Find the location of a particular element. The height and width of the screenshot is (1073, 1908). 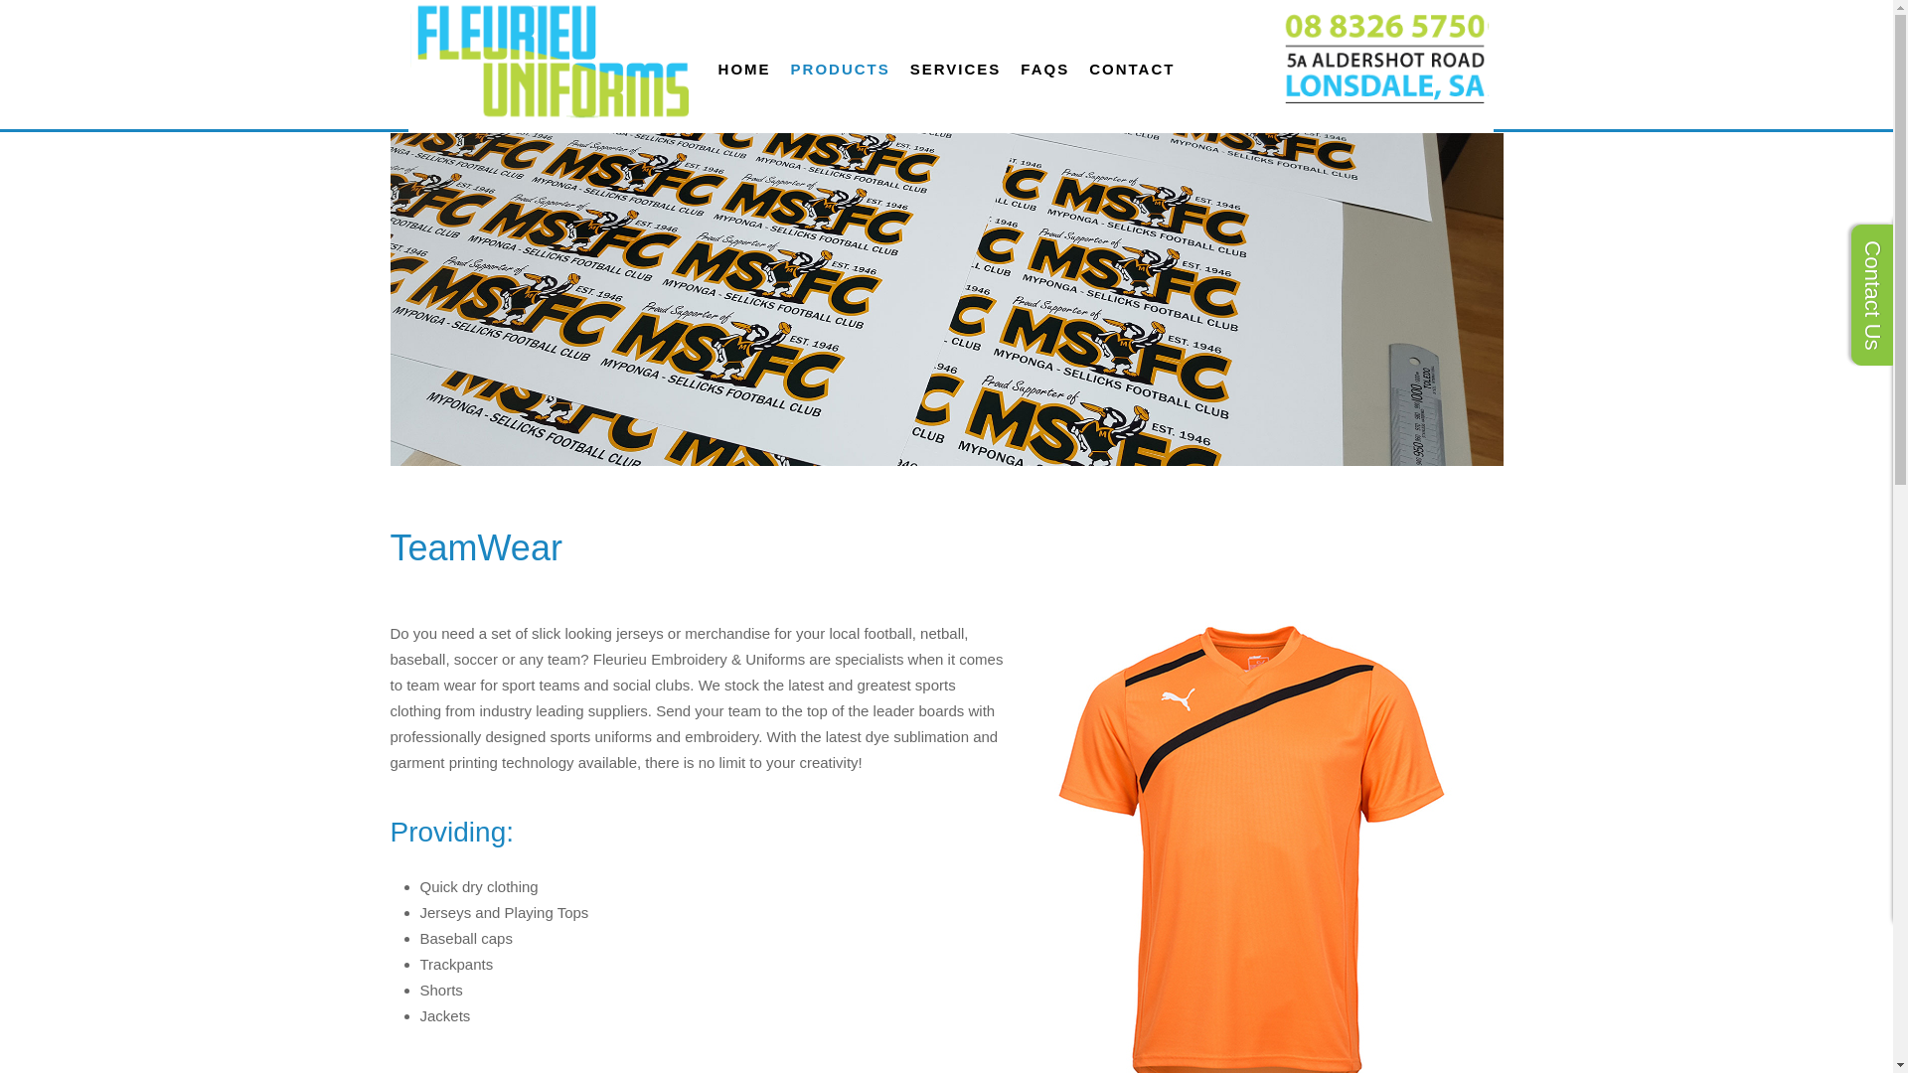

'CONTACT' is located at coordinates (1131, 68).